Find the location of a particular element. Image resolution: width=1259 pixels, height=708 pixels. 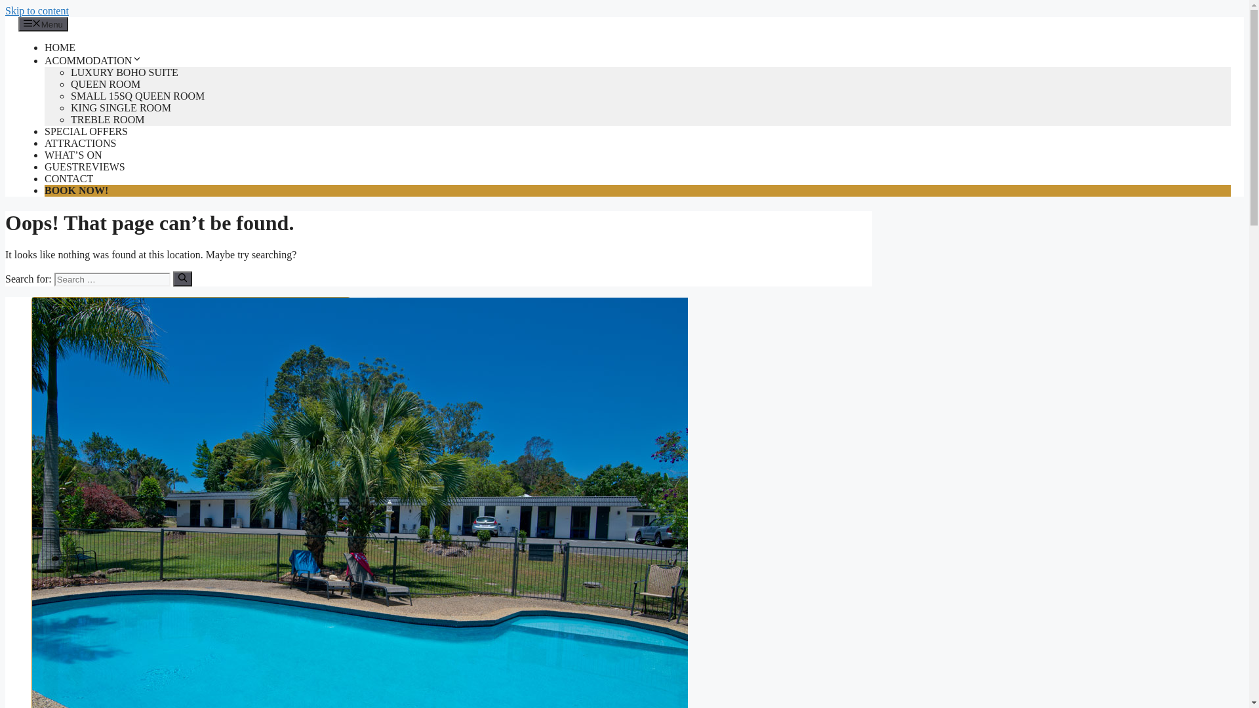

'ACOMMODATION' is located at coordinates (92, 60).